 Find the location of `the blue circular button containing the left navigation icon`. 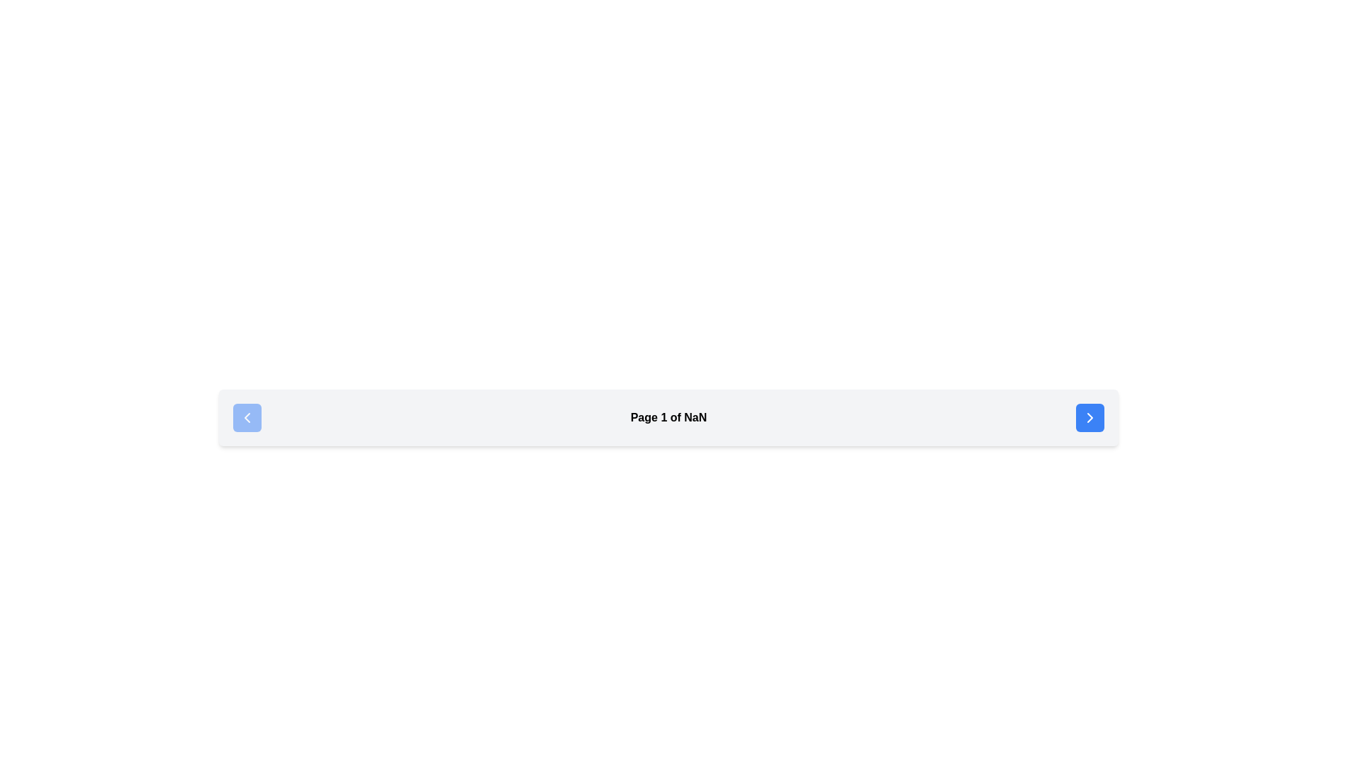

the blue circular button containing the left navigation icon is located at coordinates (247, 417).